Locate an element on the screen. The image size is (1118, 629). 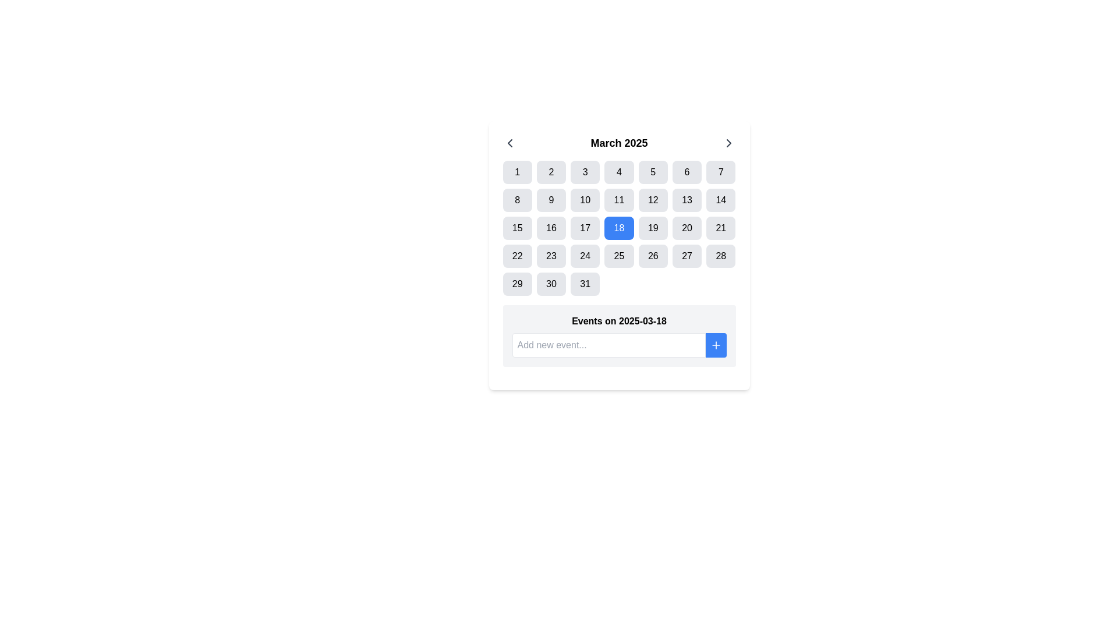
the date selection button for the 10th day of the month in the calendar interface using keyboard navigation is located at coordinates (585, 199).